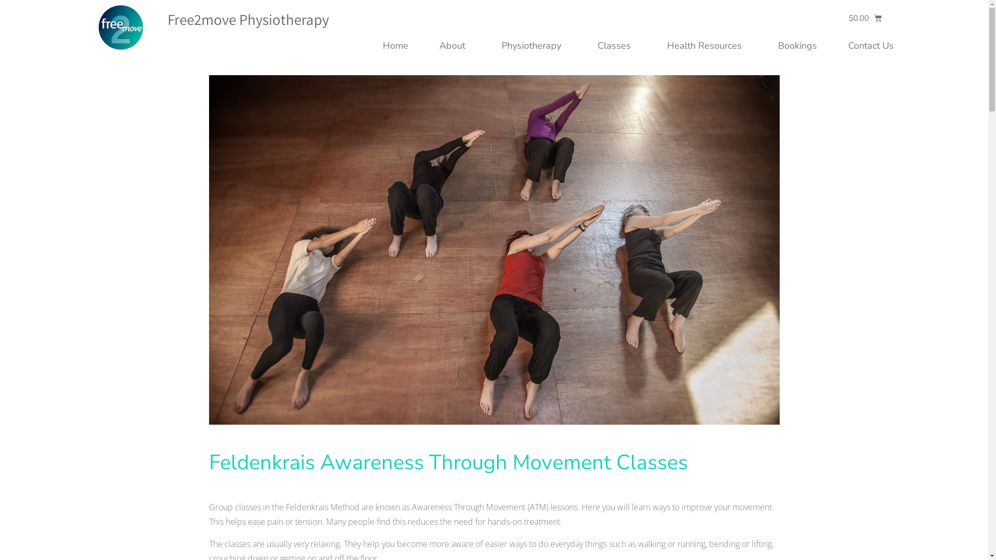 Image resolution: width=996 pixels, height=560 pixels. I want to click on 'Bookings', so click(797, 45).